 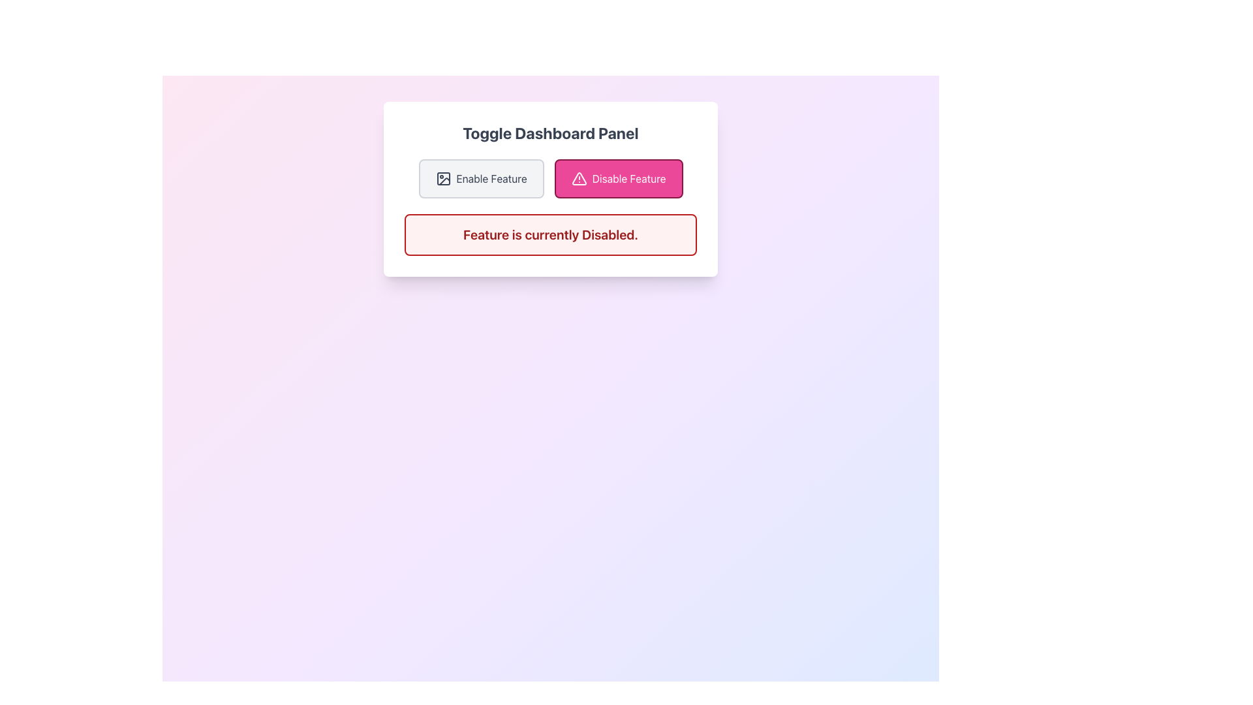 What do you see at coordinates (618, 178) in the screenshot?
I see `the 'Disable Feature' button, which is a rectangular button with rounded corners, pink background, and white text. It is located to the right of the 'Enable Feature' button` at bounding box center [618, 178].